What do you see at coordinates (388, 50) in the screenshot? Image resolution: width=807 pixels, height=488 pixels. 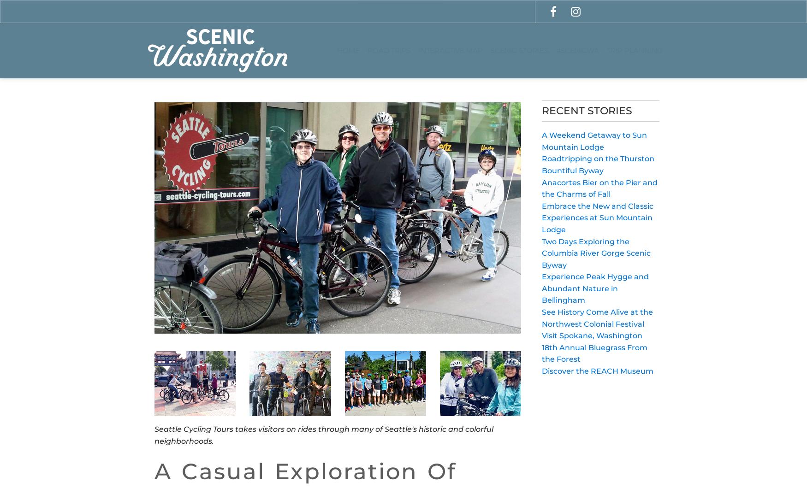 I see `'Road Trips'` at bounding box center [388, 50].